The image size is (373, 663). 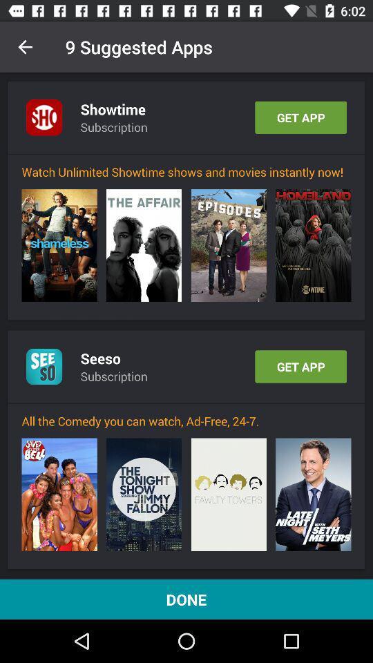 I want to click on icon below all the comedy item, so click(x=313, y=494).